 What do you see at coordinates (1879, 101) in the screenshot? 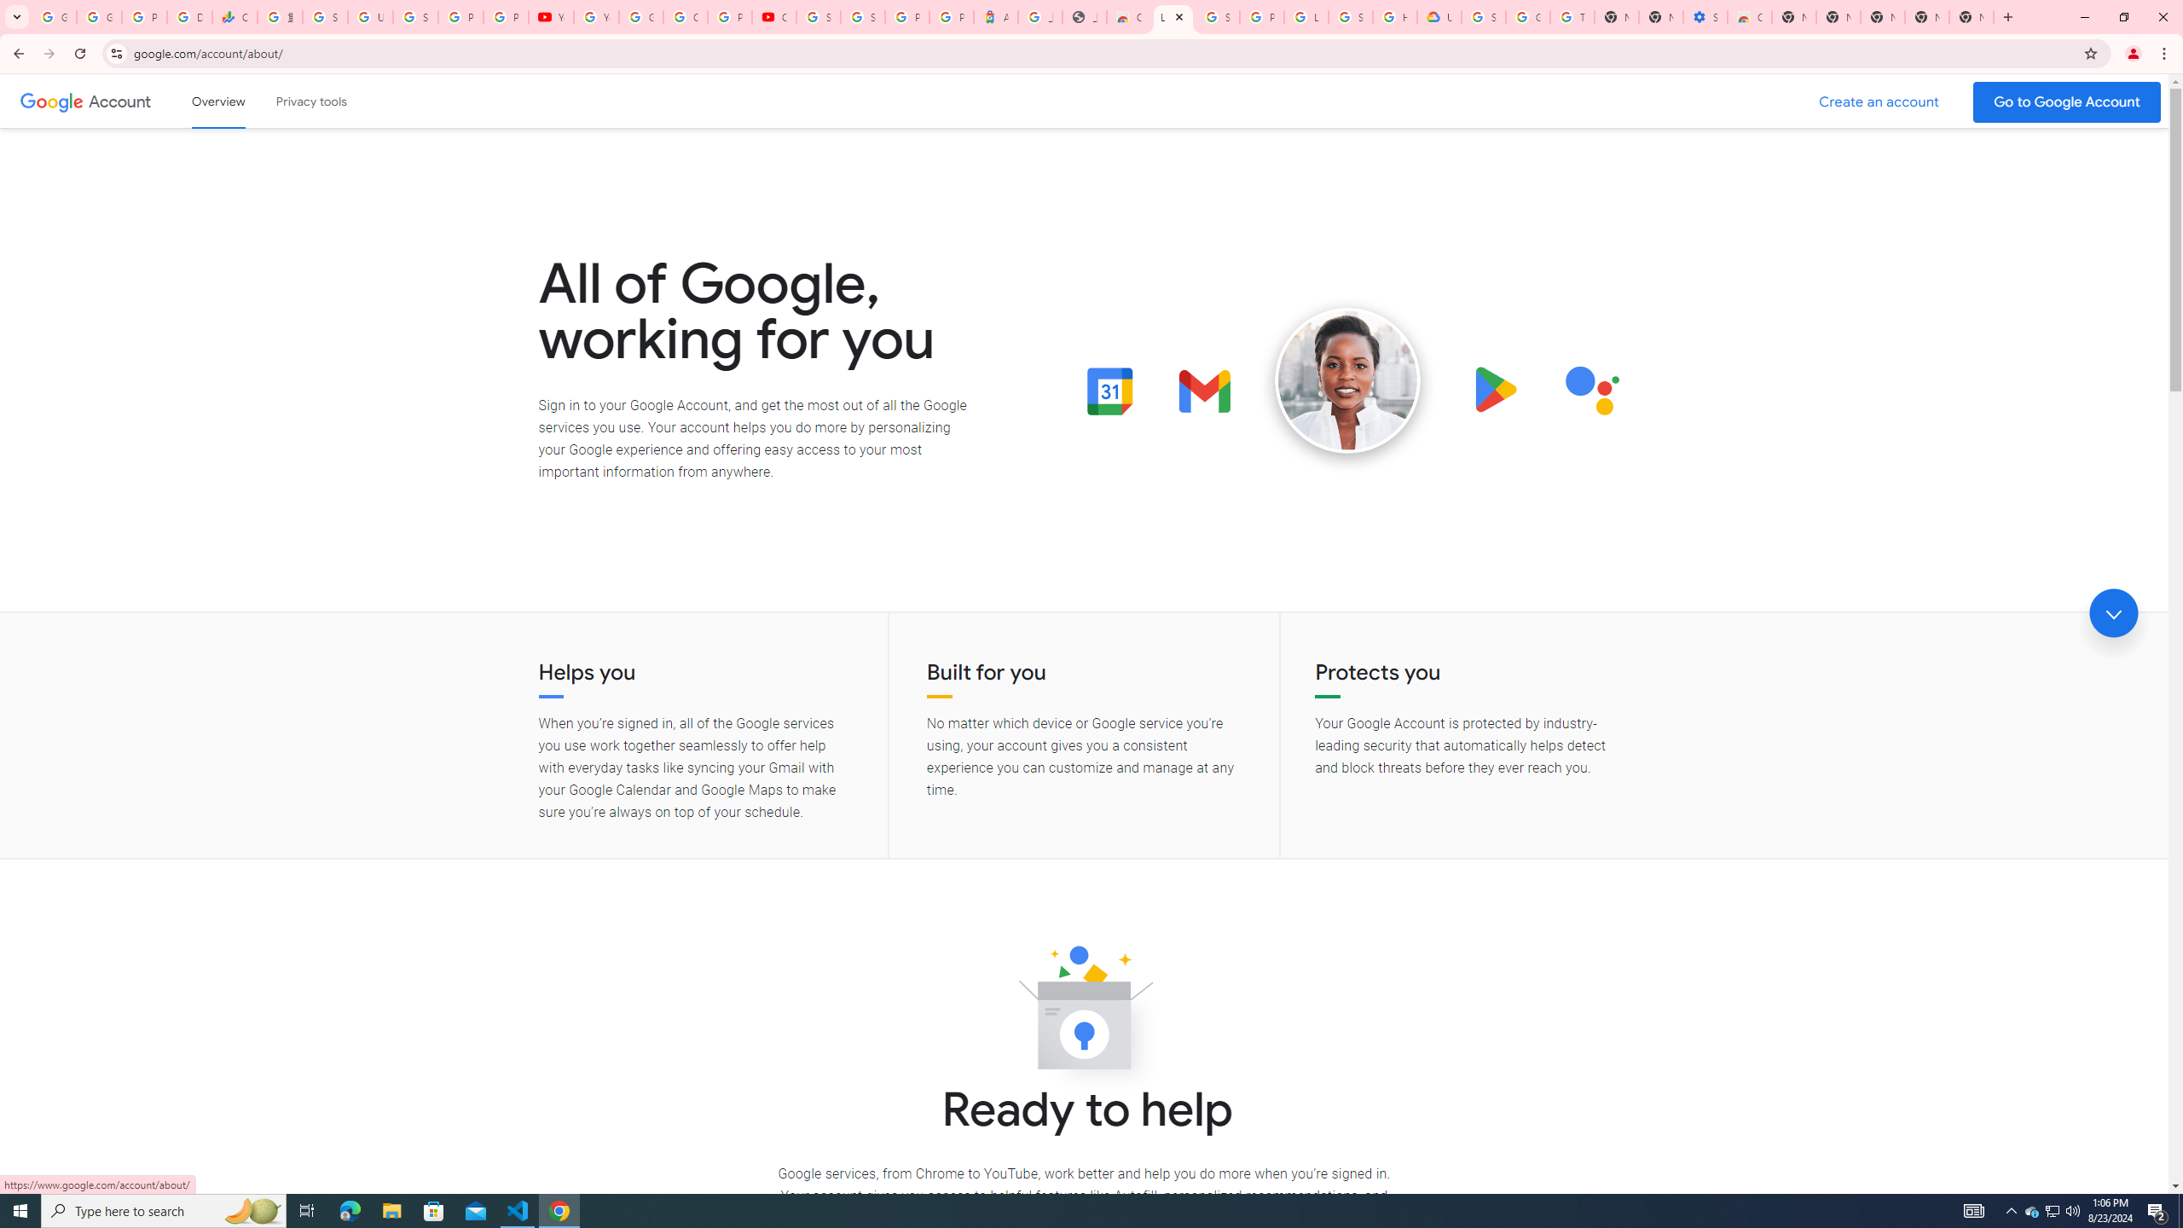
I see `'Create a Google Account'` at bounding box center [1879, 101].